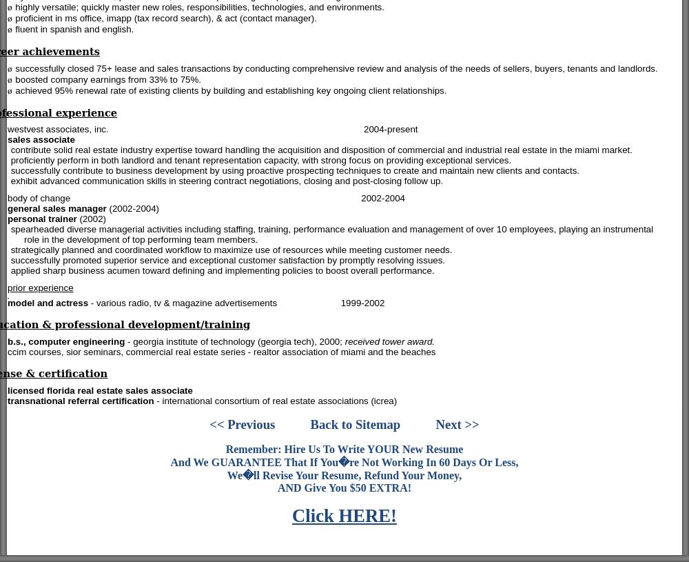 Image resolution: width=689 pixels, height=562 pixels. Describe the element at coordinates (275, 400) in the screenshot. I see `'- international consortium of real estate associations
(icrea)'` at that location.